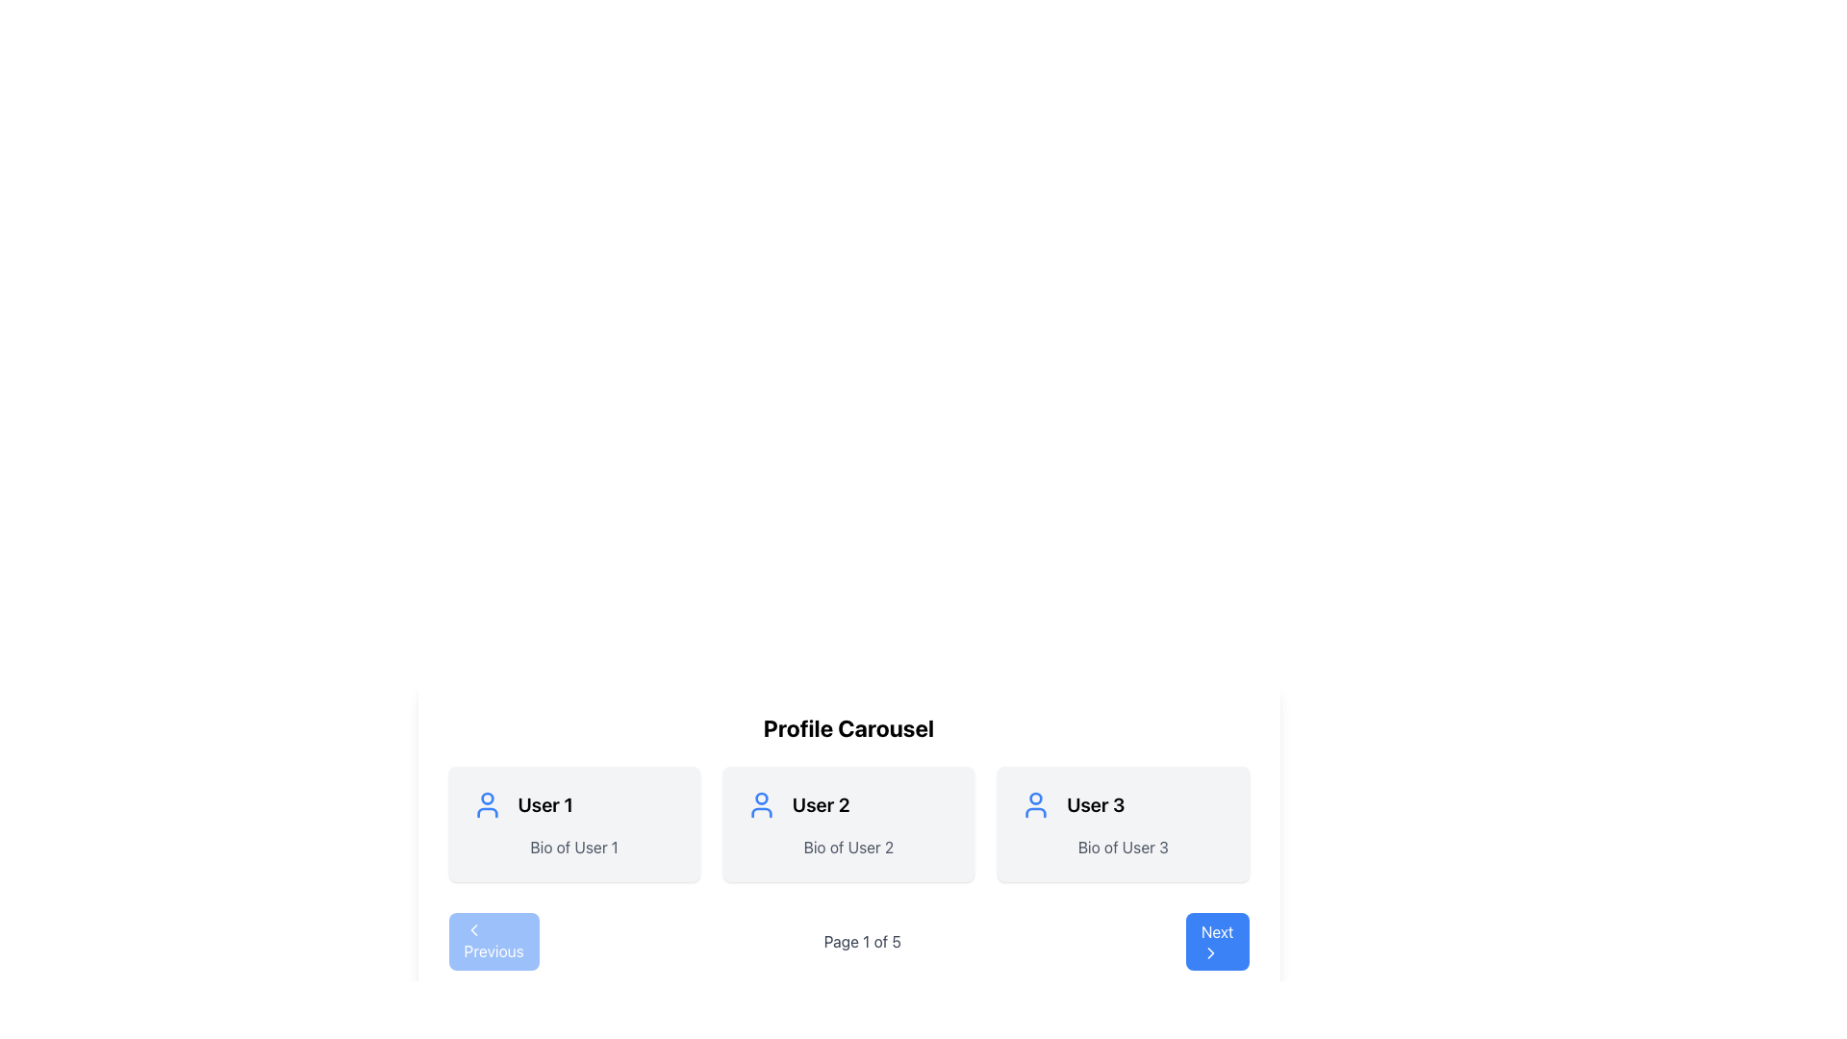 This screenshot has width=1847, height=1039. Describe the element at coordinates (848, 727) in the screenshot. I see `the static text header that serves as the title for the profile carousel section, which is centrally aligned at the top of the panel` at that location.